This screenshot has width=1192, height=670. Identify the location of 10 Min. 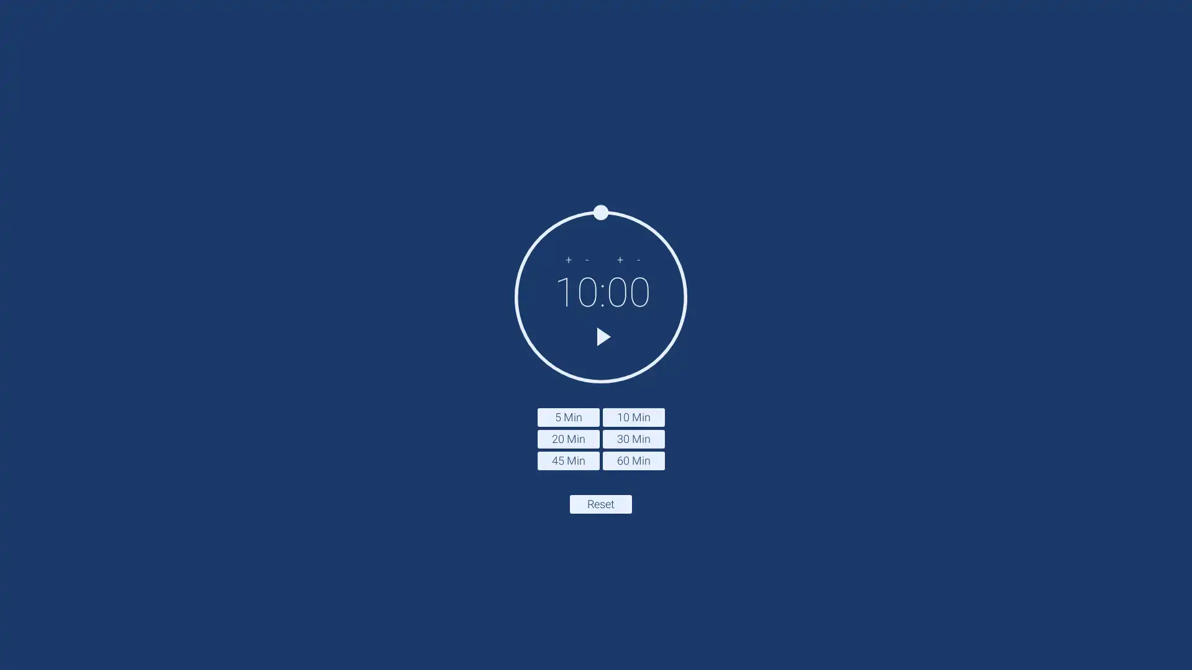
(633, 416).